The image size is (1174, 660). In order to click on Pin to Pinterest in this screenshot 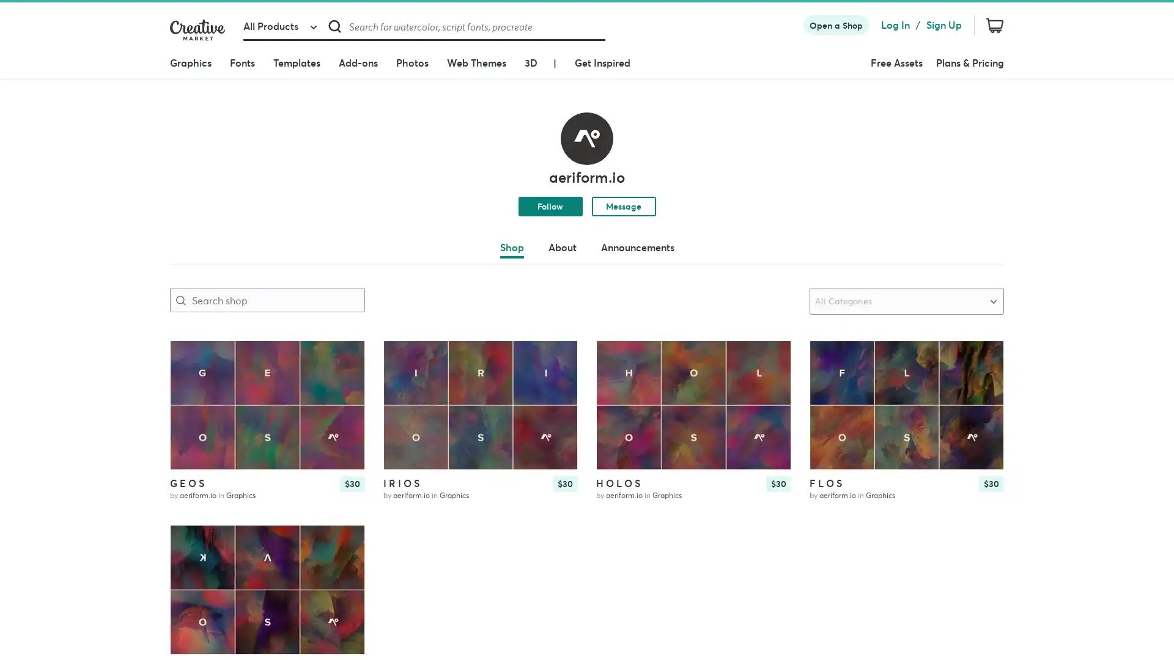, I will do `click(403, 359)`.